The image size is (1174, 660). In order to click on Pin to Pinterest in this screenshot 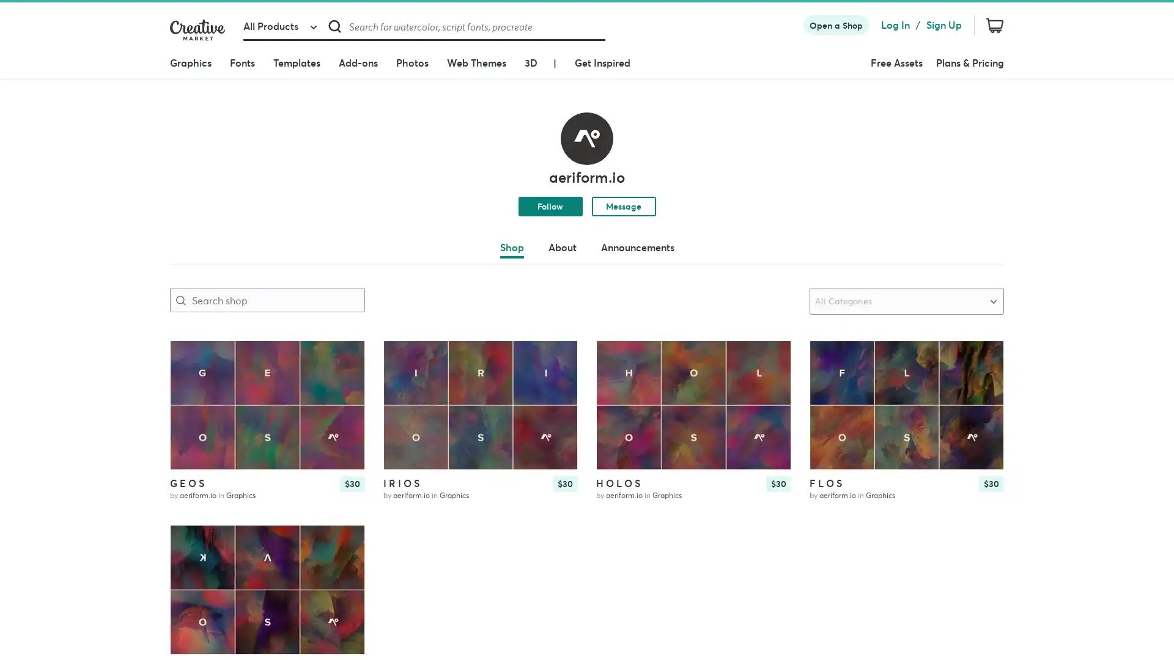, I will do `click(403, 359)`.